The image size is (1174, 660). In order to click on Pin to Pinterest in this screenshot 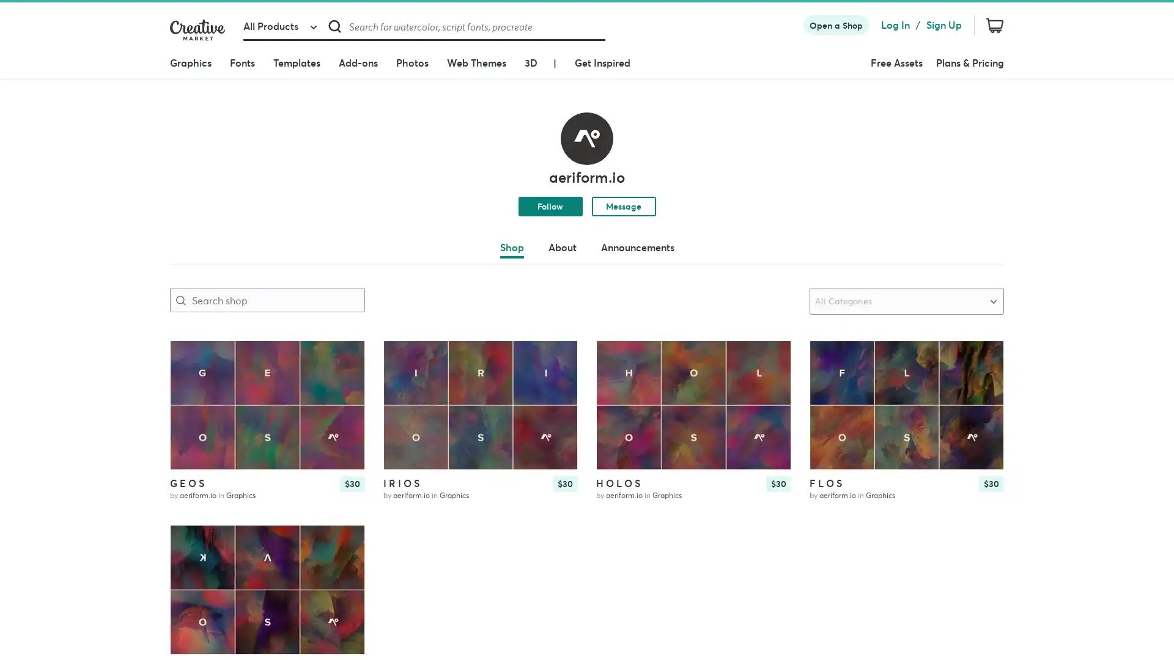, I will do `click(403, 359)`.